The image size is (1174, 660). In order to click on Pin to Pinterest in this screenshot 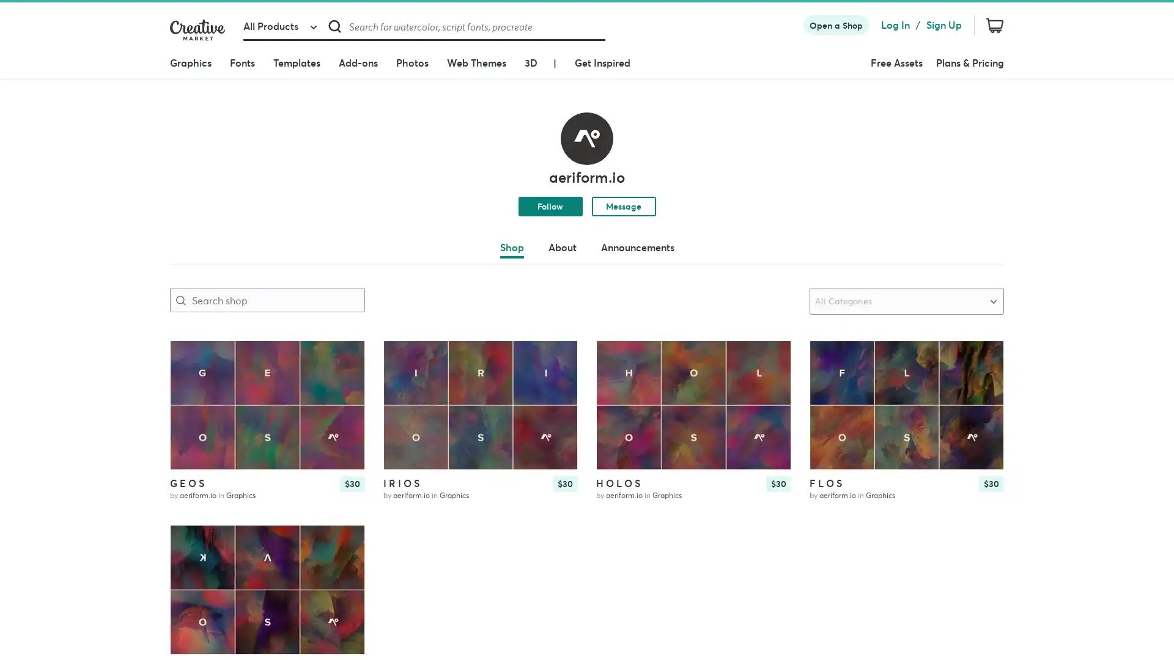, I will do `click(403, 359)`.